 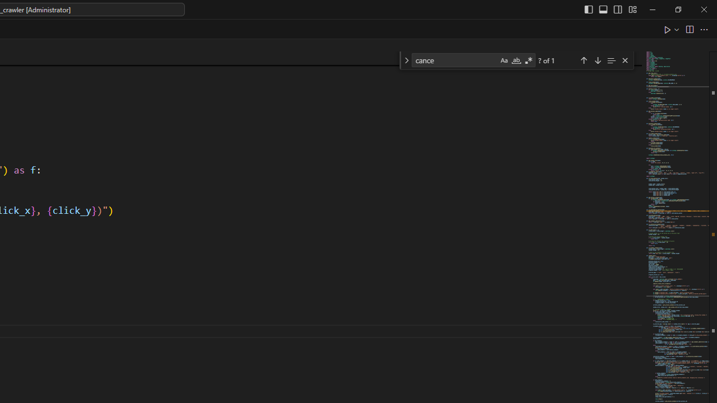 What do you see at coordinates (632, 9) in the screenshot?
I see `'Customize Layout...'` at bounding box center [632, 9].